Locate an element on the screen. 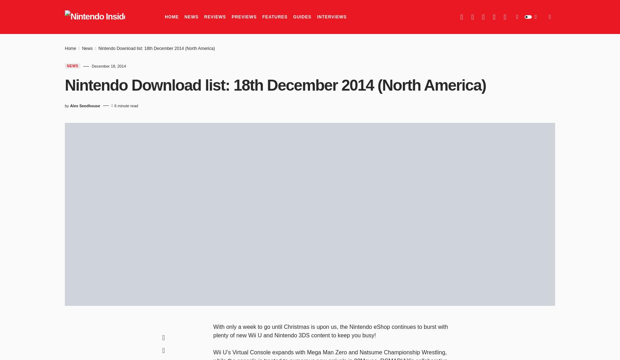  'Features' is located at coordinates (274, 17).